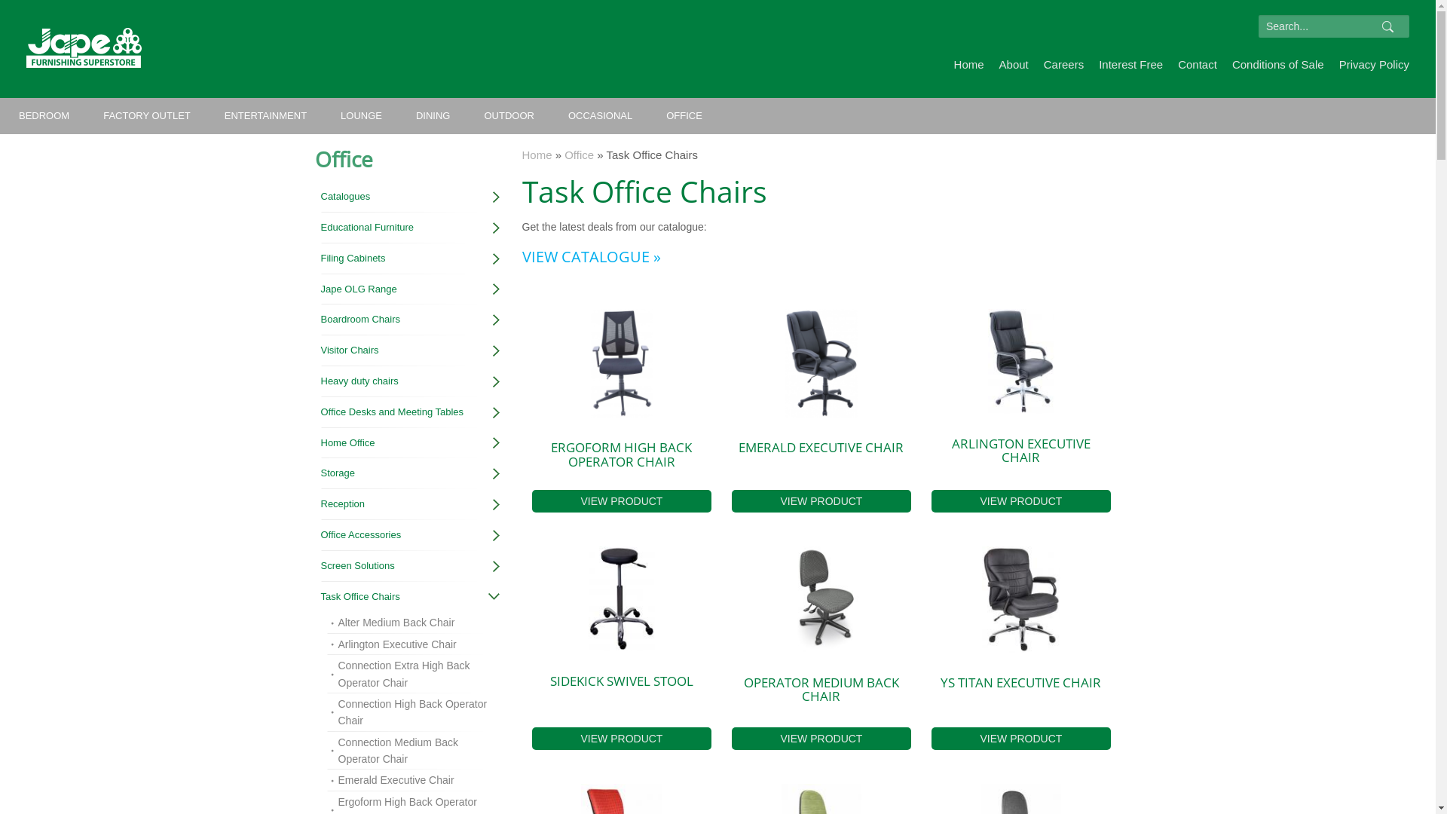 The height and width of the screenshot is (814, 1447). I want to click on 'Jape Furnishing Super Store', so click(83, 47).